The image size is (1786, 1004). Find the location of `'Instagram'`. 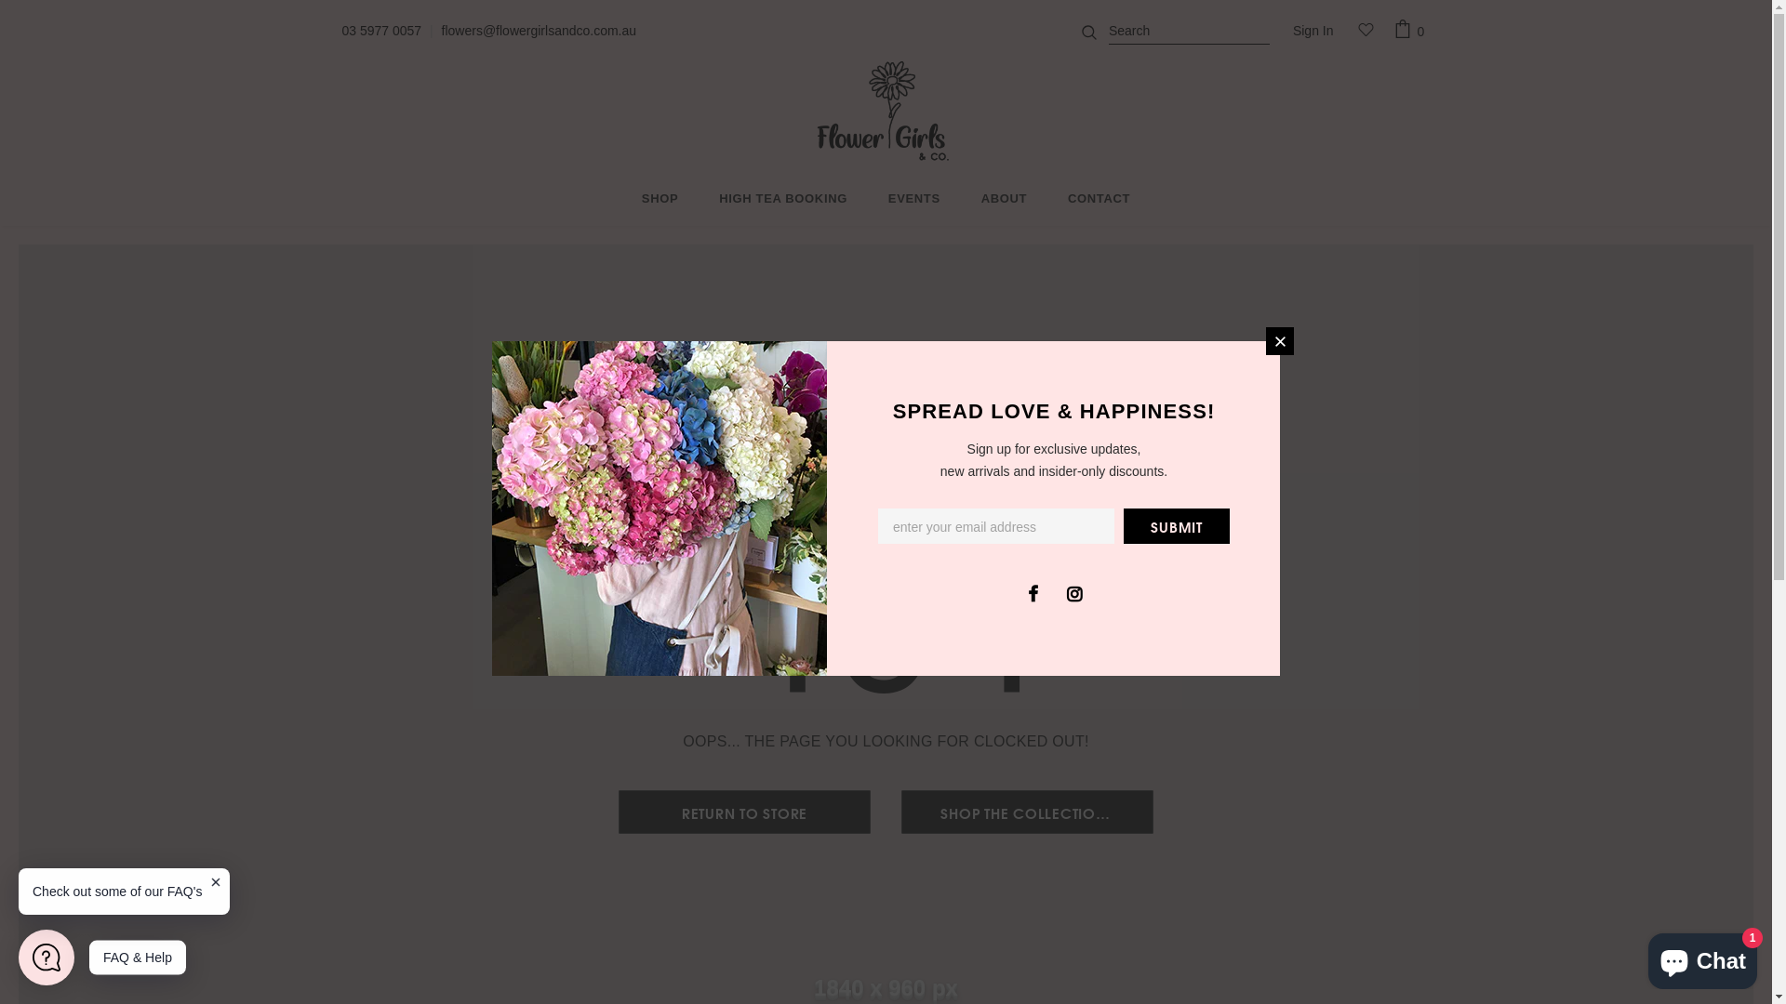

'Instagram' is located at coordinates (1074, 591).